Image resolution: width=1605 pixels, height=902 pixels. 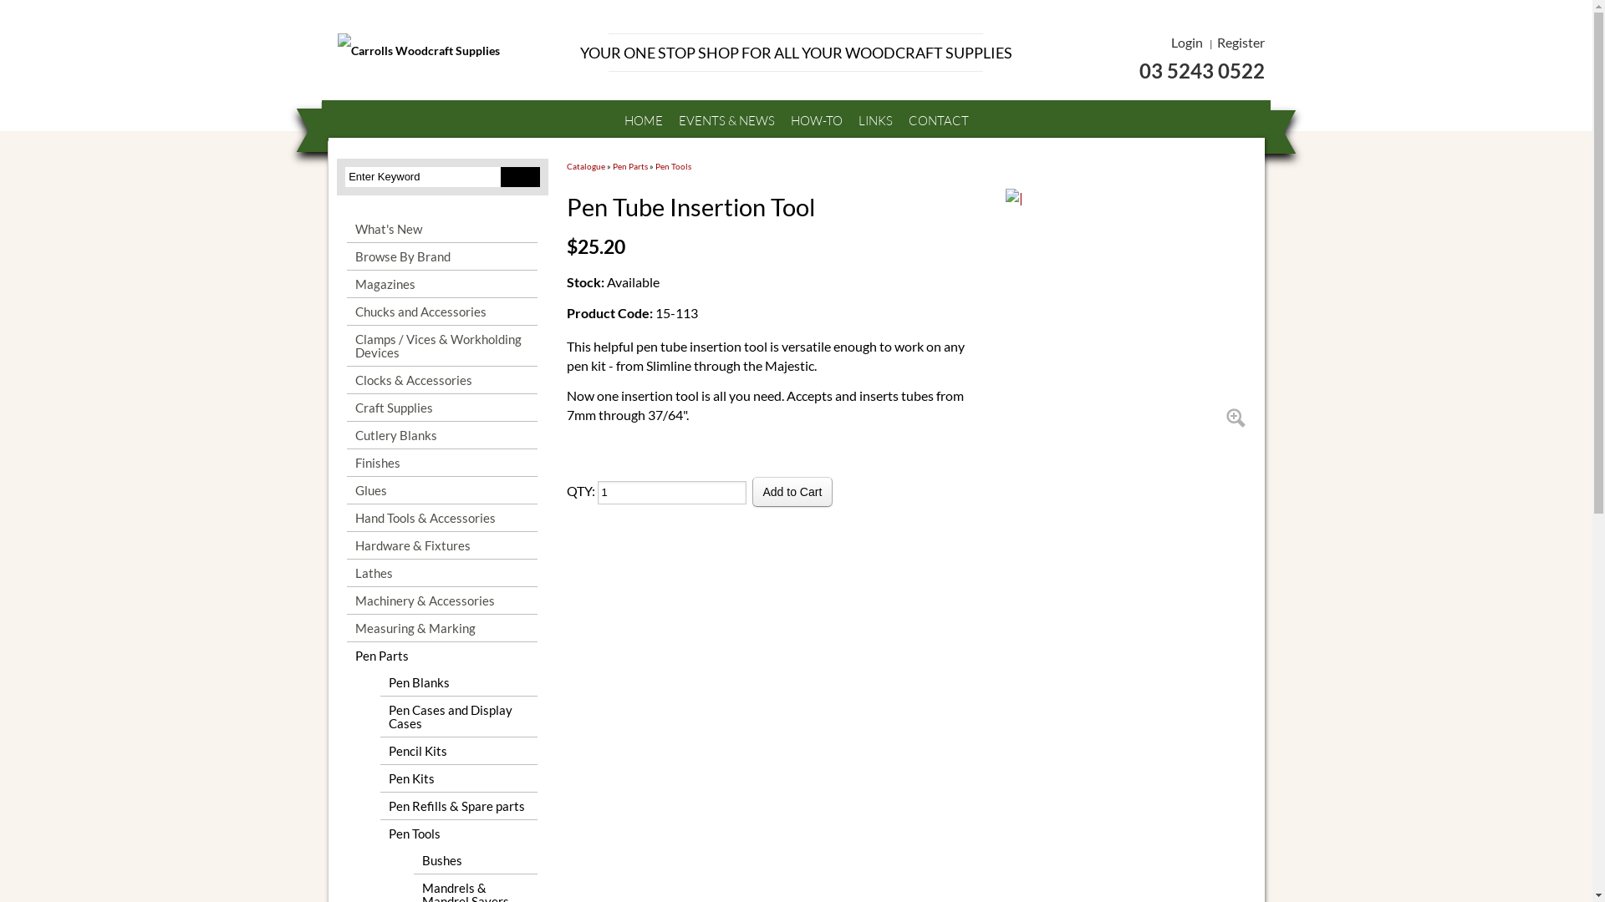 I want to click on 'Browse By Brand', so click(x=345, y=256).